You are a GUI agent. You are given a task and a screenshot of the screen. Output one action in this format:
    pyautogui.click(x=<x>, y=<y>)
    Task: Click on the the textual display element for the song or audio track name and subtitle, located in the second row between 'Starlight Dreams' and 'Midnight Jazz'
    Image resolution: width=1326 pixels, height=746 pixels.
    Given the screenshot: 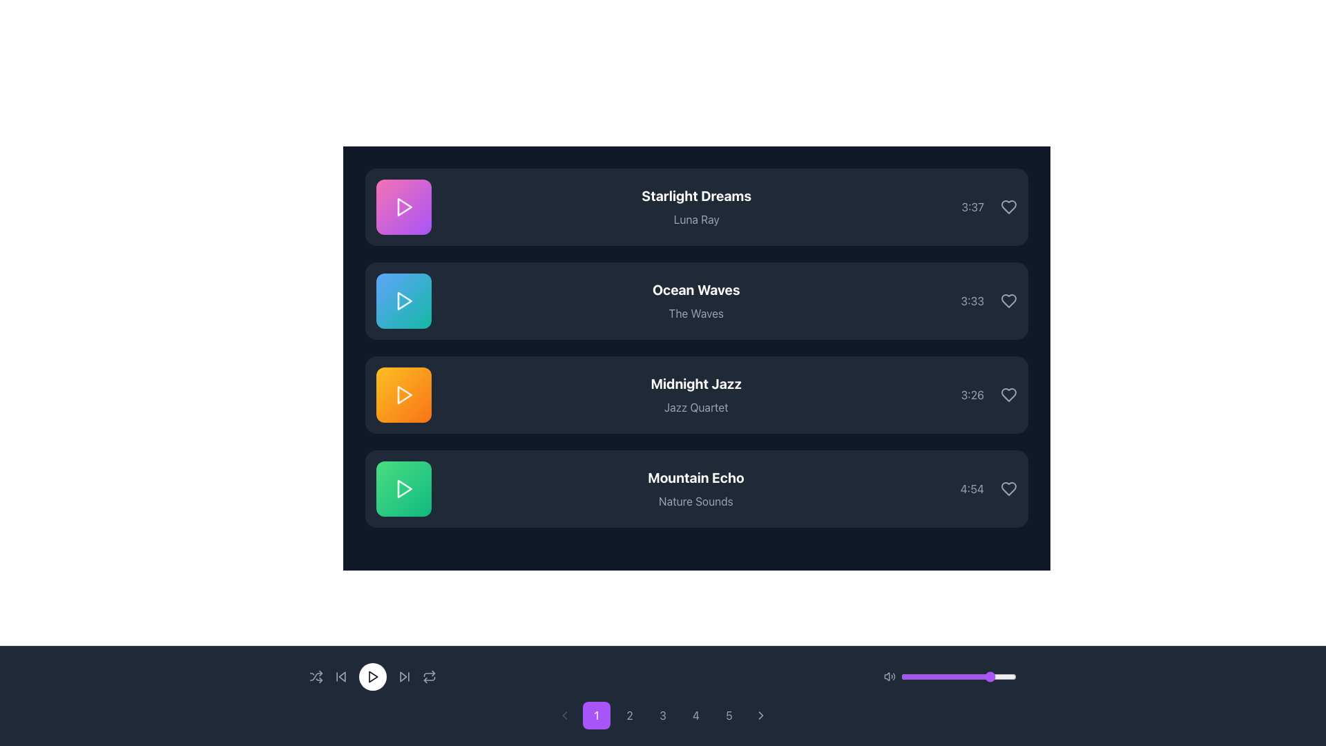 What is the action you would take?
    pyautogui.click(x=696, y=300)
    